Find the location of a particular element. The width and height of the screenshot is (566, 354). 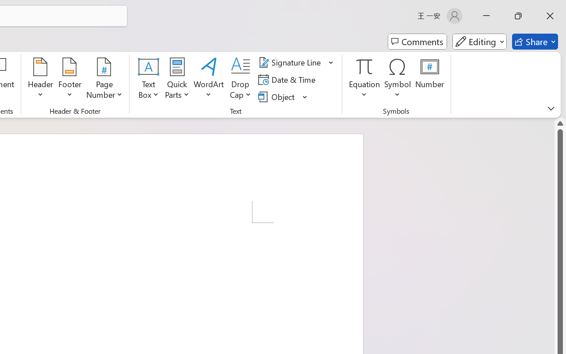

'Object...' is located at coordinates (277, 96).